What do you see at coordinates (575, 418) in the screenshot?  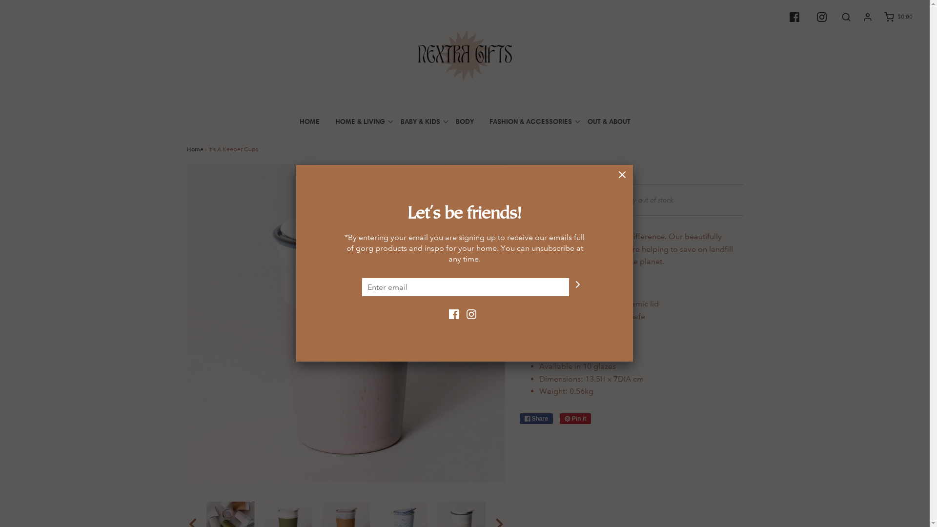 I see `'Pin it'` at bounding box center [575, 418].